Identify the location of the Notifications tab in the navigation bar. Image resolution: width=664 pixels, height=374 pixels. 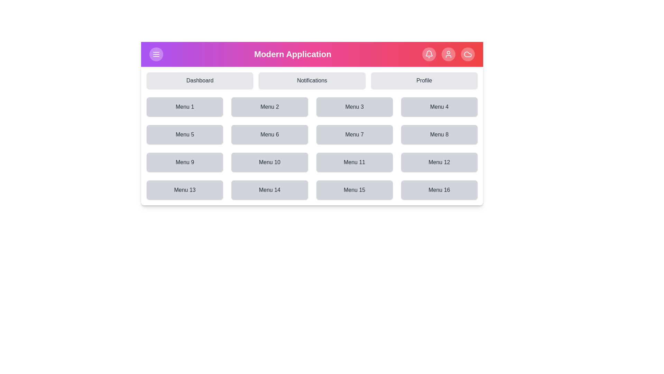
(312, 80).